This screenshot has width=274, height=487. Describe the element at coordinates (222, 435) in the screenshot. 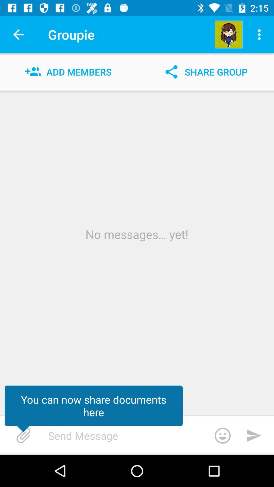

I see `the emoji icon` at that location.